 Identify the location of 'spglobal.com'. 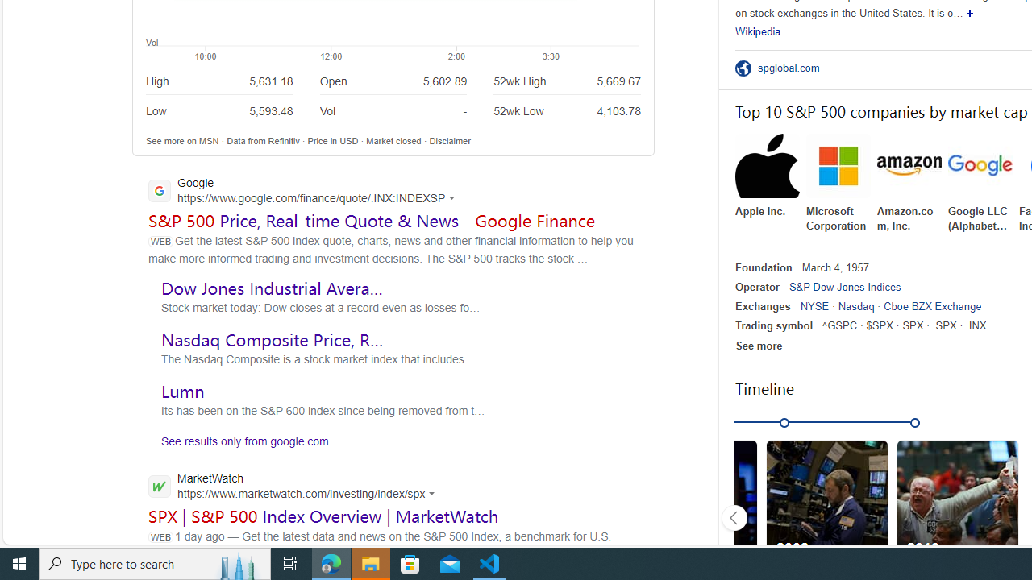
(793, 67).